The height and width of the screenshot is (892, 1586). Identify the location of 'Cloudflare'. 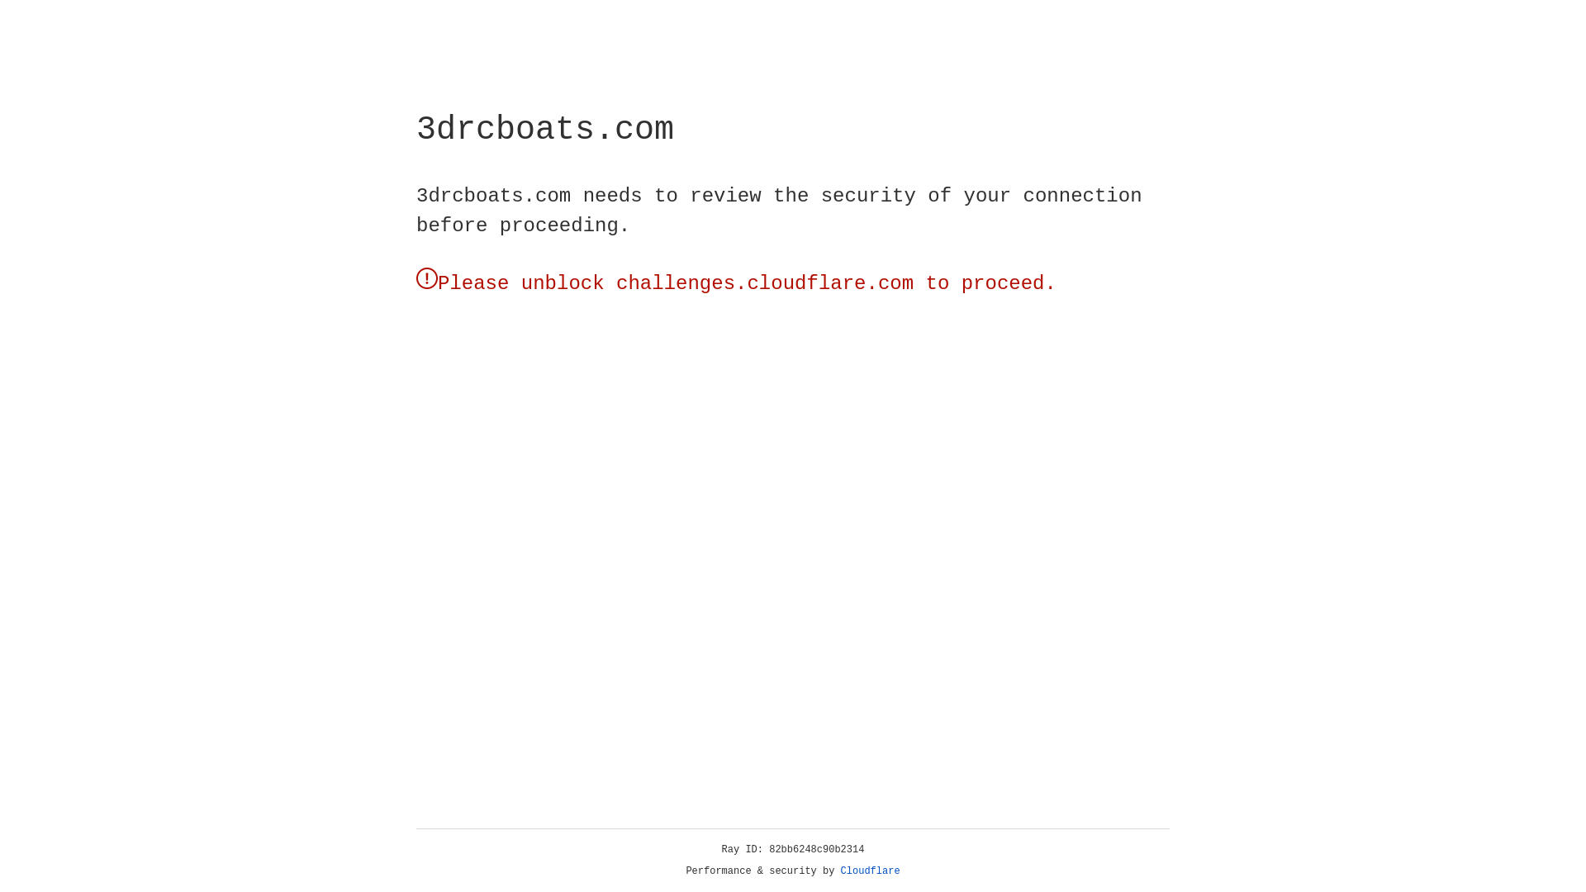
(840, 871).